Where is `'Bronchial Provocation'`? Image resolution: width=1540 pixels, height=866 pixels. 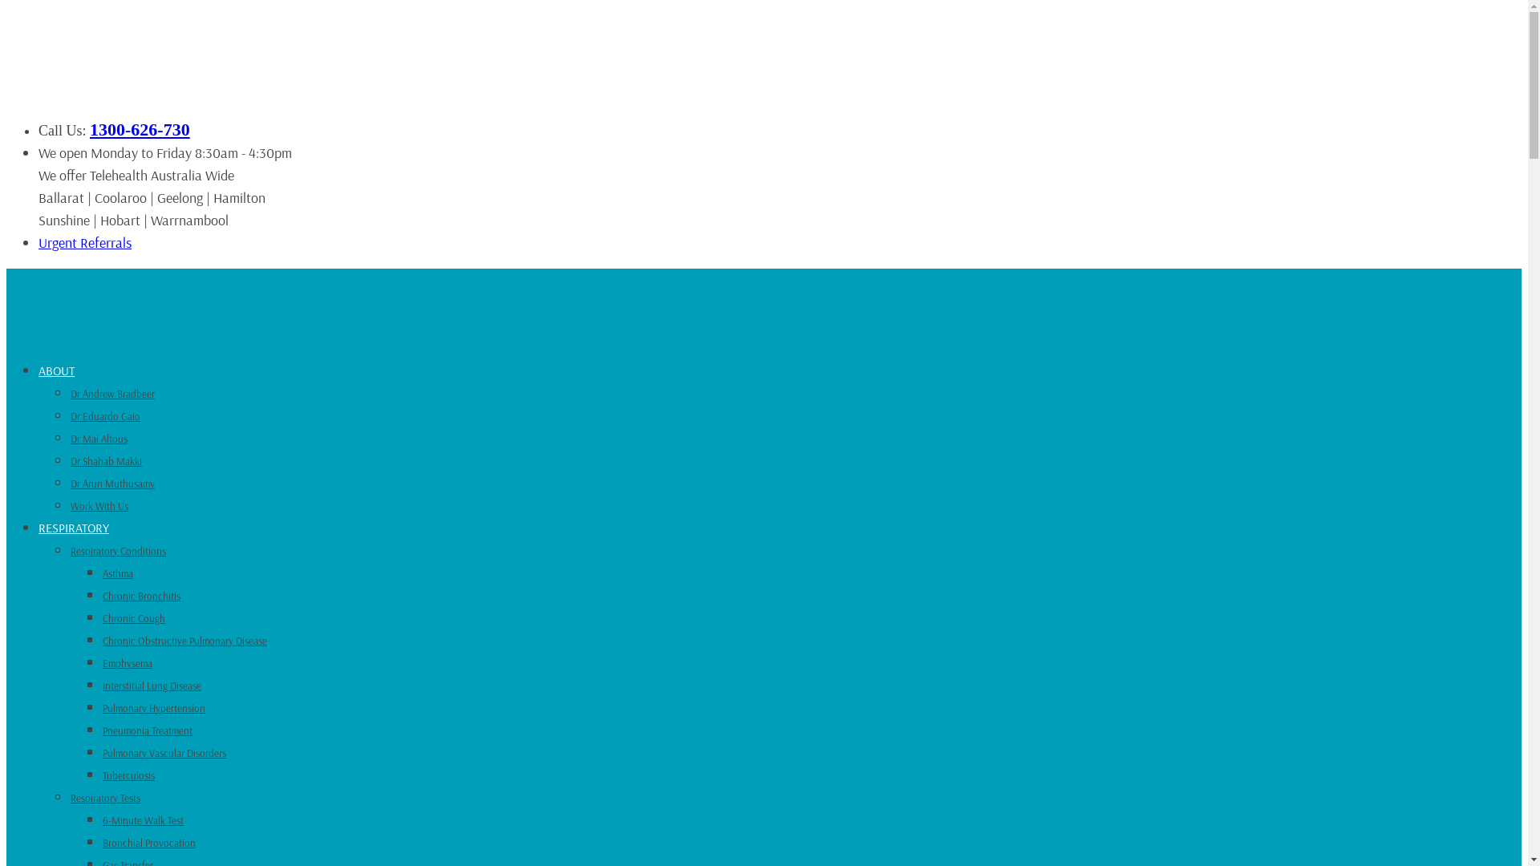 'Bronchial Provocation' is located at coordinates (149, 841).